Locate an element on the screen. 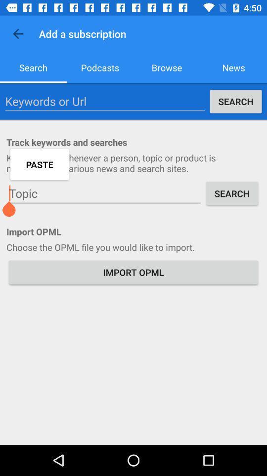 This screenshot has width=267, height=476. icon above the import opml item is located at coordinates (104, 193).